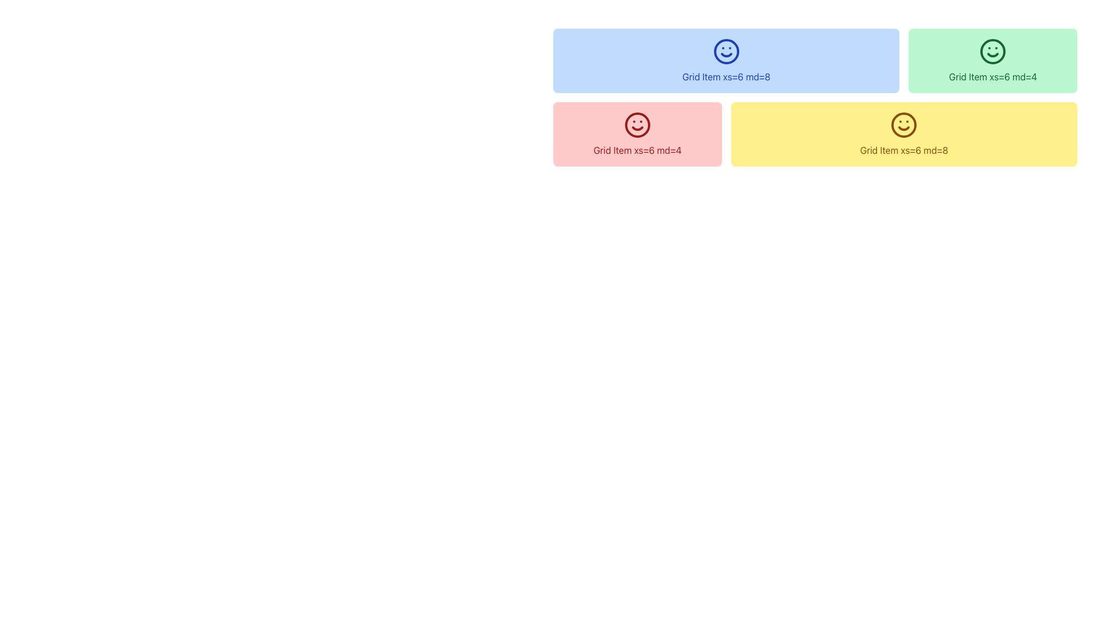  What do you see at coordinates (725, 51) in the screenshot?
I see `the Circle graphic element that serves as the circular boundary of a smiley face icon within the SVG, located inside a blue-colored rectangular grid item labeled 'Grid Item xs=6 md=8'` at bounding box center [725, 51].